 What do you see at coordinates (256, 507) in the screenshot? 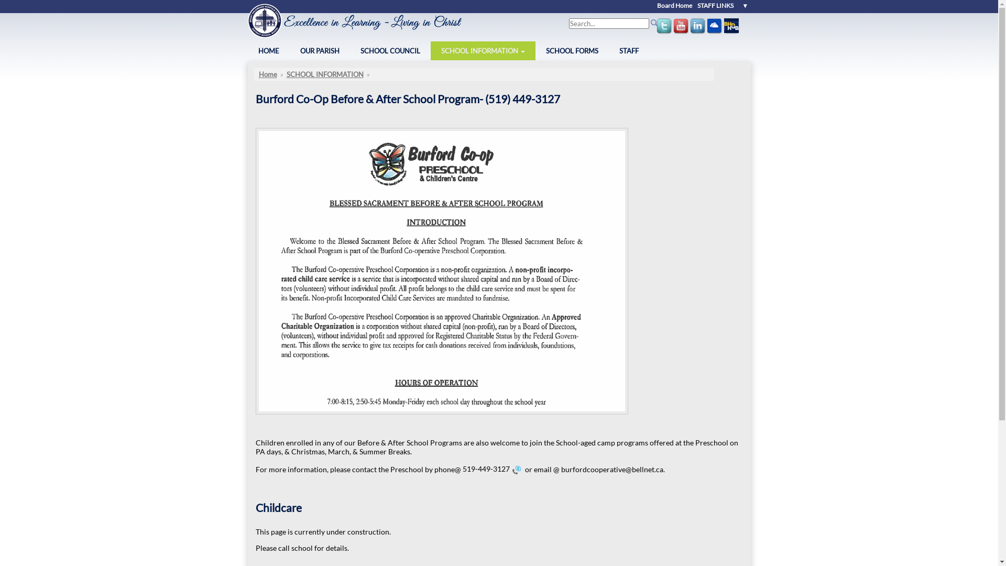
I see `'Childcare'` at bounding box center [256, 507].